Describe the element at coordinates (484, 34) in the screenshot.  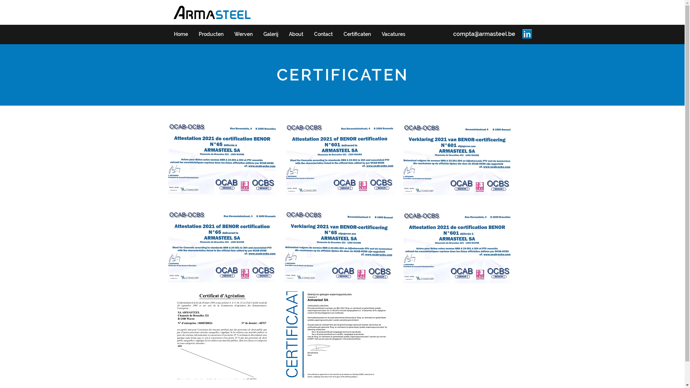
I see `'compta@armasteel.be'` at that location.